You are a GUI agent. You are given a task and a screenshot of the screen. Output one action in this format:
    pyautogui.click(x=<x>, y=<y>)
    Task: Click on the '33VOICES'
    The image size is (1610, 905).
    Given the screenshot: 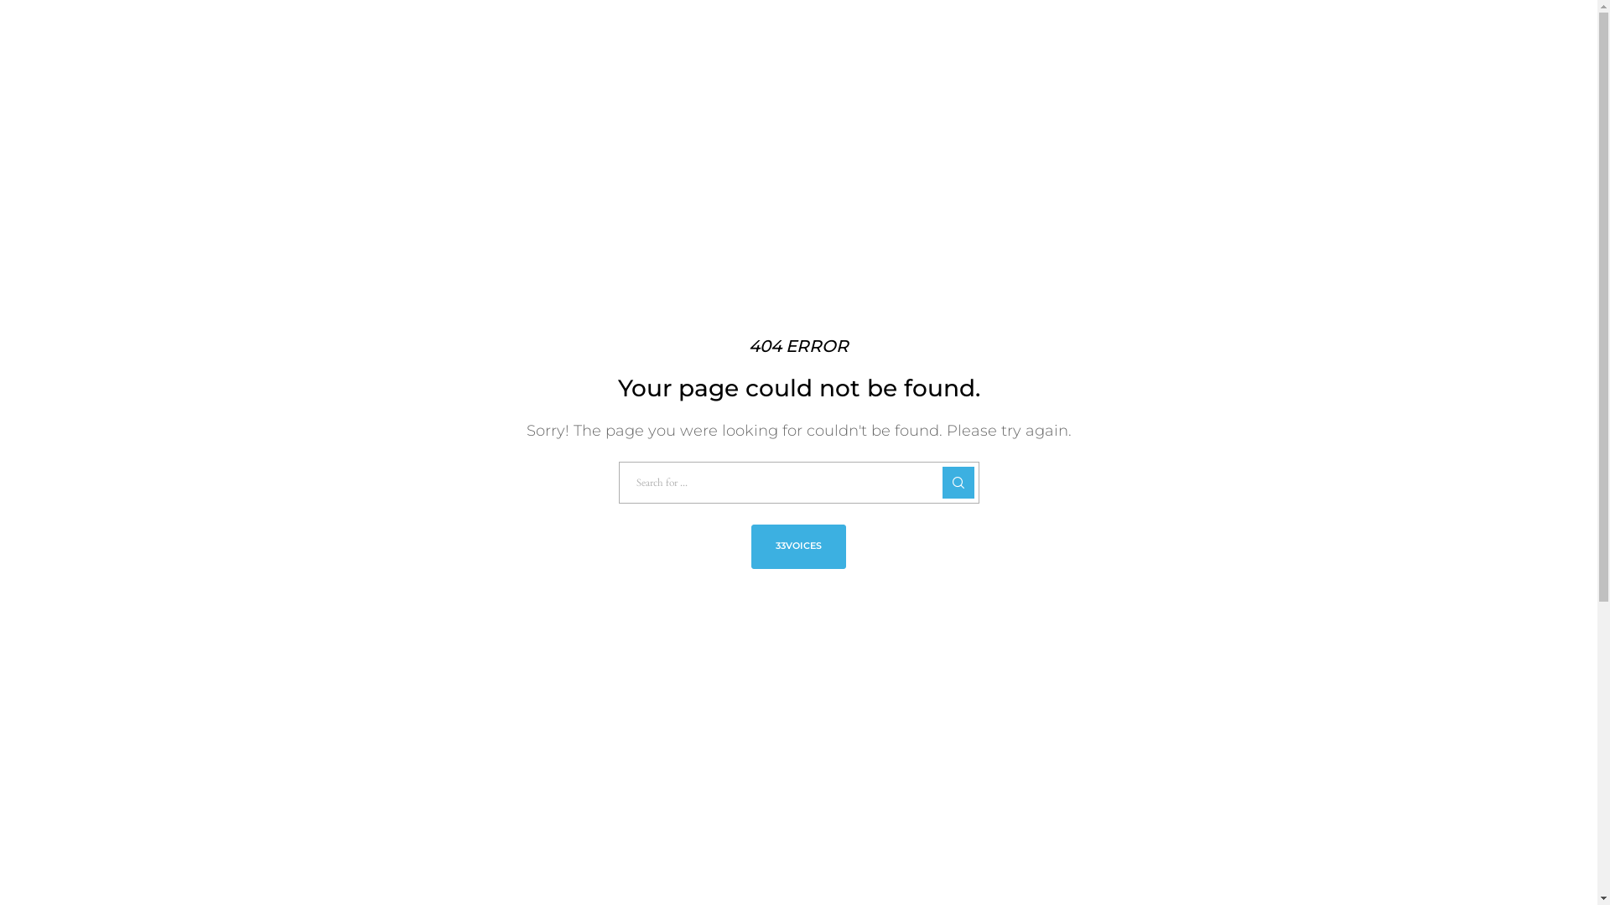 What is the action you would take?
    pyautogui.click(x=797, y=546)
    